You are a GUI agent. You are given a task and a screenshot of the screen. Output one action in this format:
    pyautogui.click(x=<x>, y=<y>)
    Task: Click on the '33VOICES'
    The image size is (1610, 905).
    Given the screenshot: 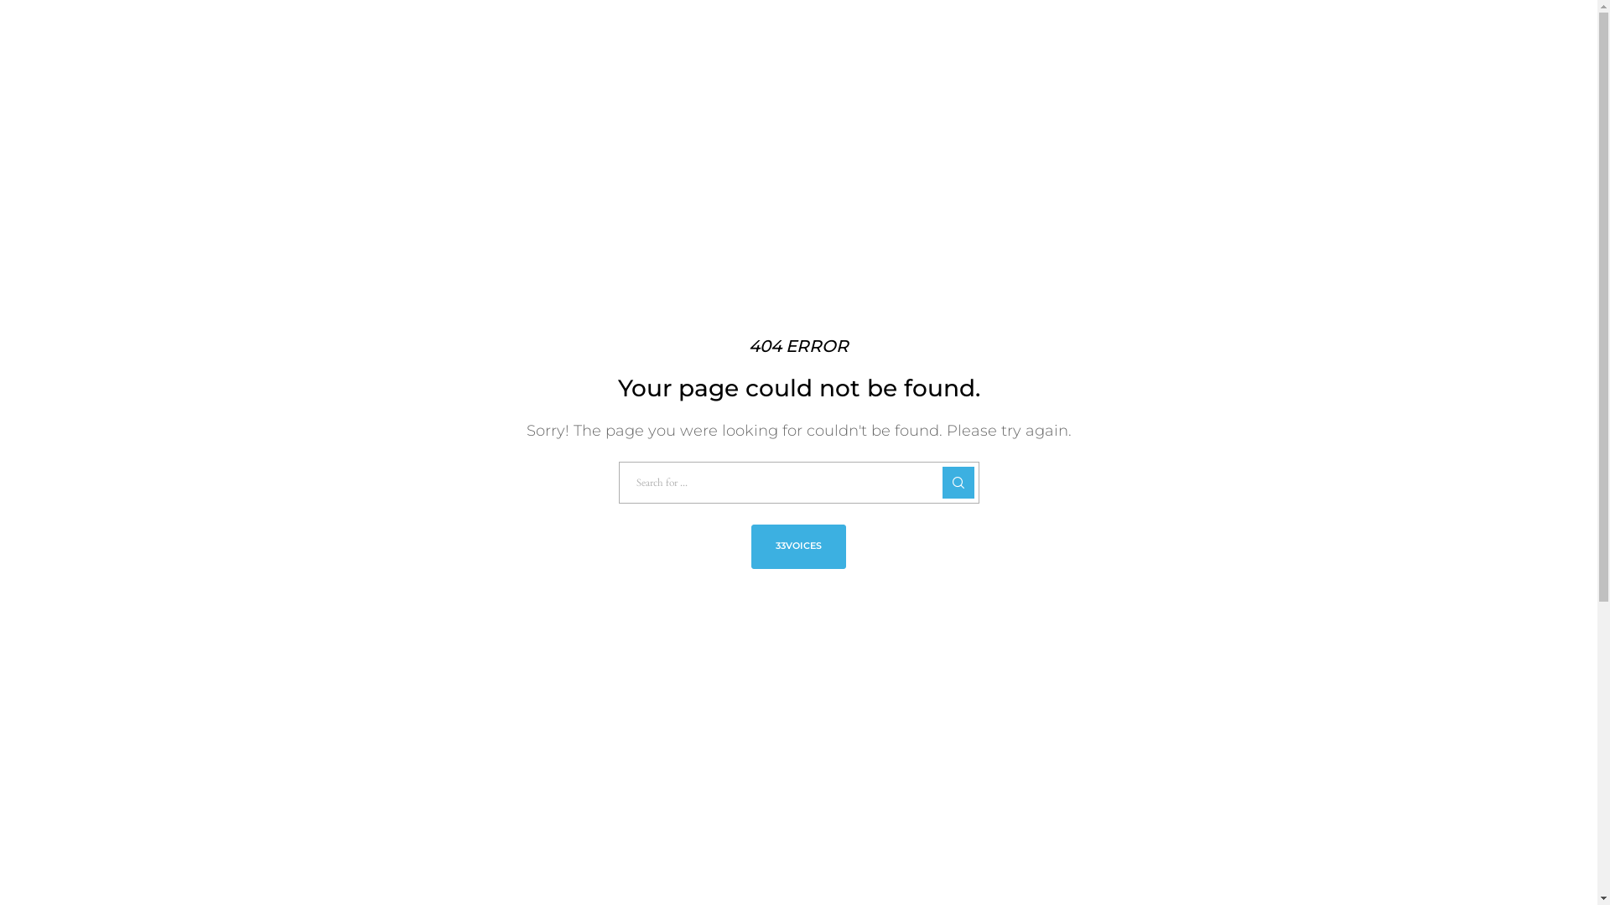 What is the action you would take?
    pyautogui.click(x=797, y=546)
    